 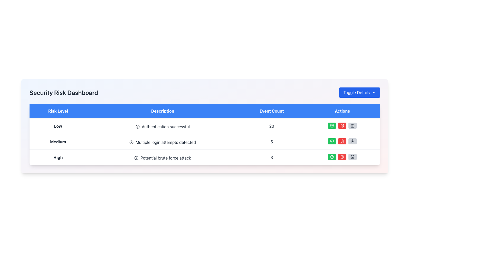 I want to click on the static text label in the table header that categorizes rows based on their associated risk level, located at the top-left portion of the table header row, so click(x=58, y=111).